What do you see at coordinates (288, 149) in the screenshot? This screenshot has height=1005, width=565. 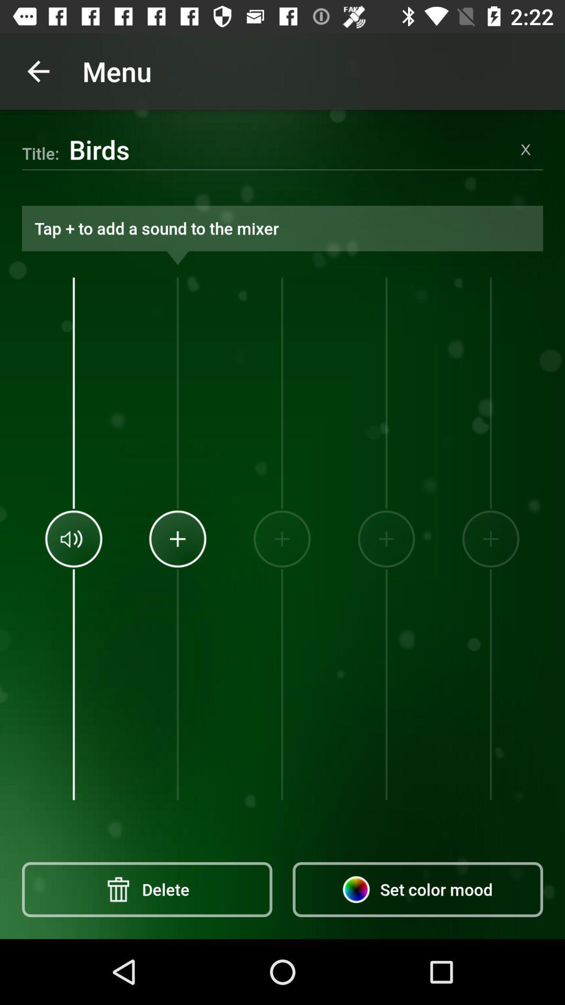 I see `item to the right of title: item` at bounding box center [288, 149].